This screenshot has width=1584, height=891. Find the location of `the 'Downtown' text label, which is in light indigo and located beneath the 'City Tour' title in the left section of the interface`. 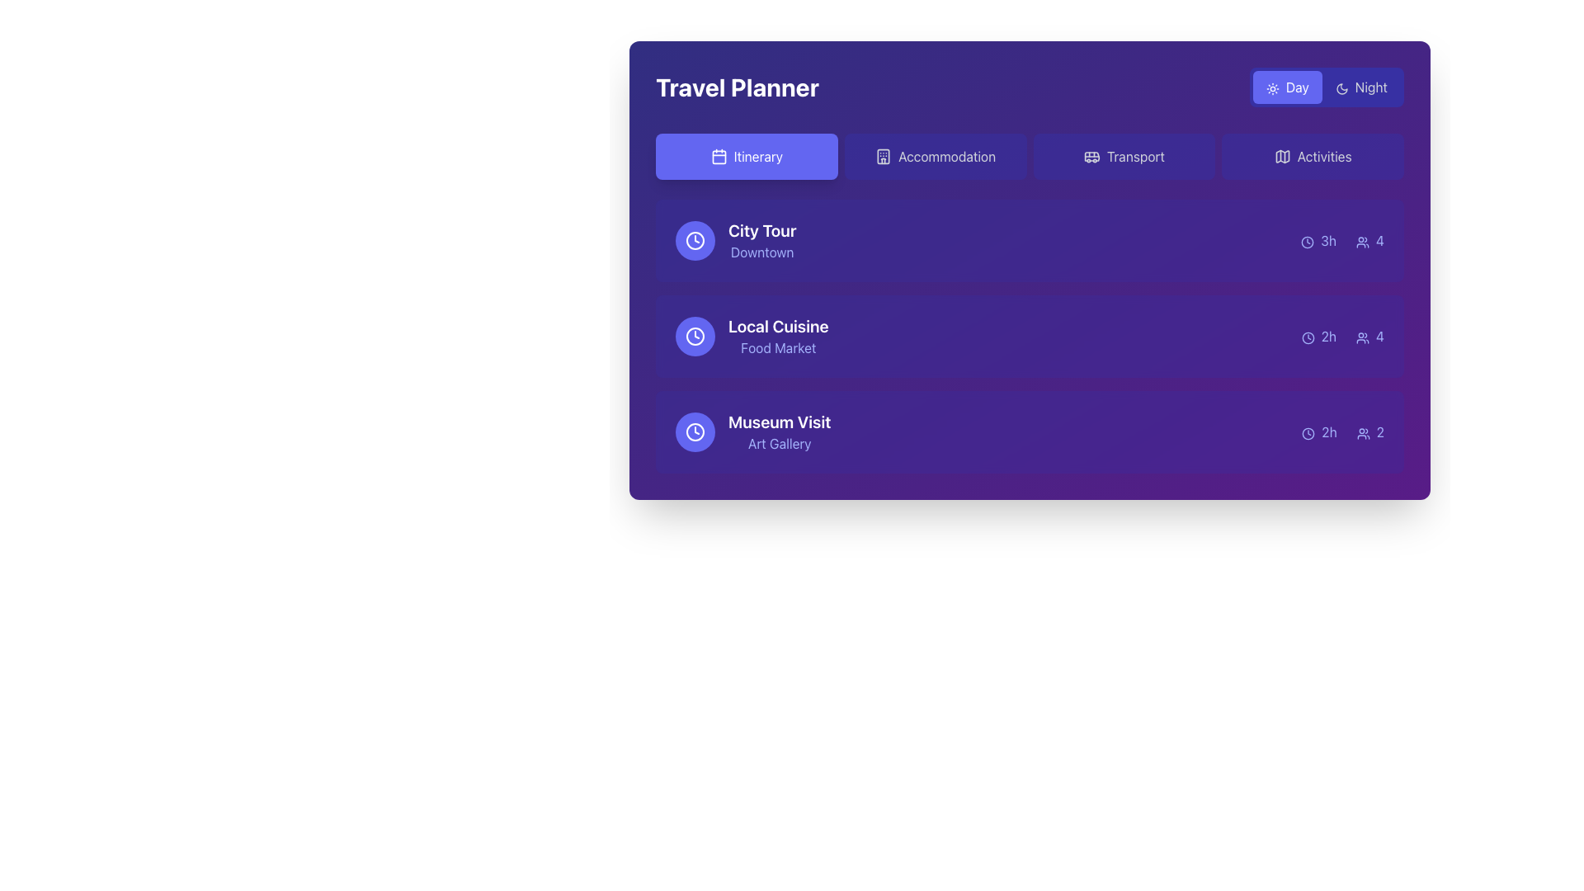

the 'Downtown' text label, which is in light indigo and located beneath the 'City Tour' title in the left section of the interface is located at coordinates (761, 252).